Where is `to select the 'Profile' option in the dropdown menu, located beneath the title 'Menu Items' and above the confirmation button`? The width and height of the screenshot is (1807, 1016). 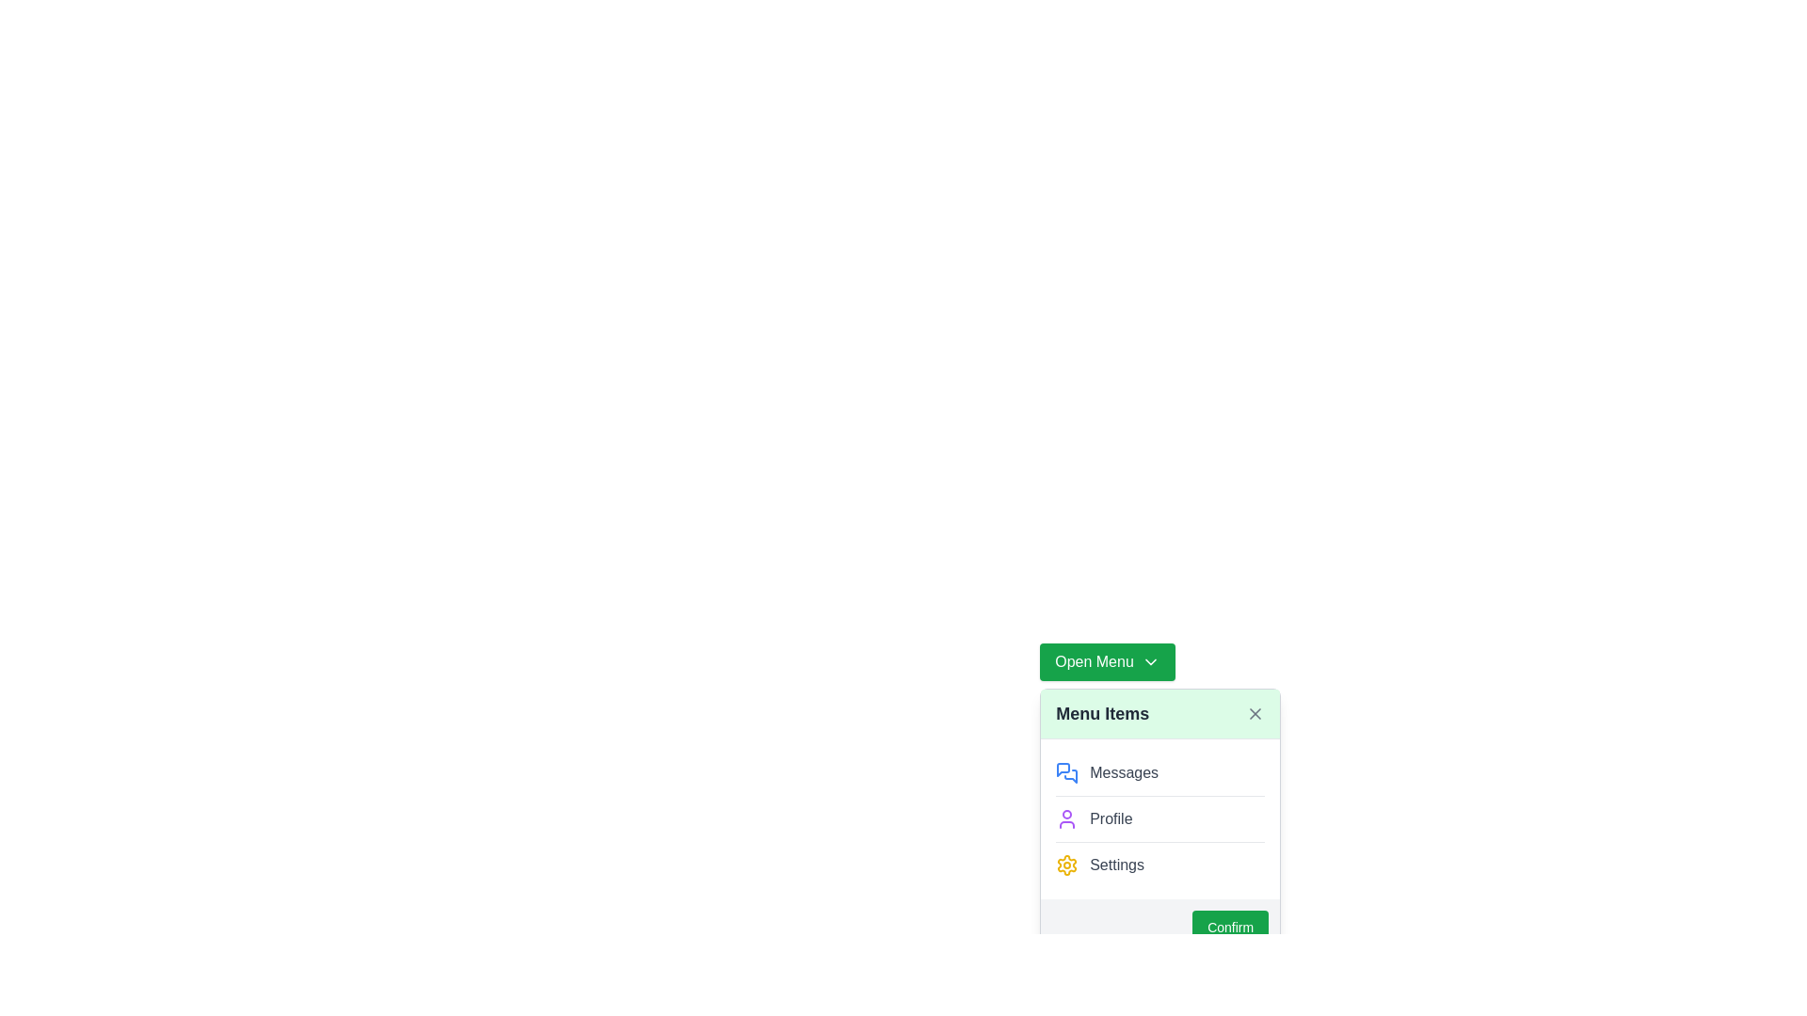 to select the 'Profile' option in the dropdown menu, located beneath the title 'Menu Items' and above the confirmation button is located at coordinates (1159, 818).